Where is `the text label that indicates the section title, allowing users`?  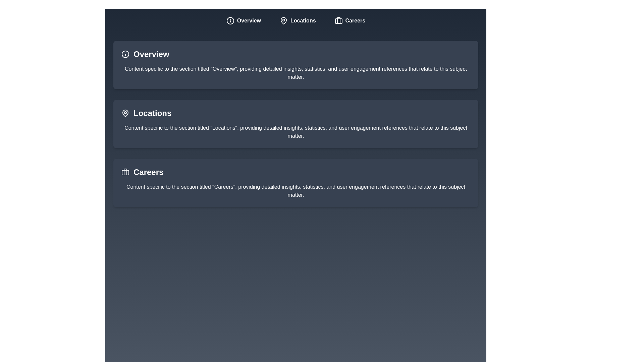
the text label that indicates the section title, allowing users is located at coordinates (151, 54).